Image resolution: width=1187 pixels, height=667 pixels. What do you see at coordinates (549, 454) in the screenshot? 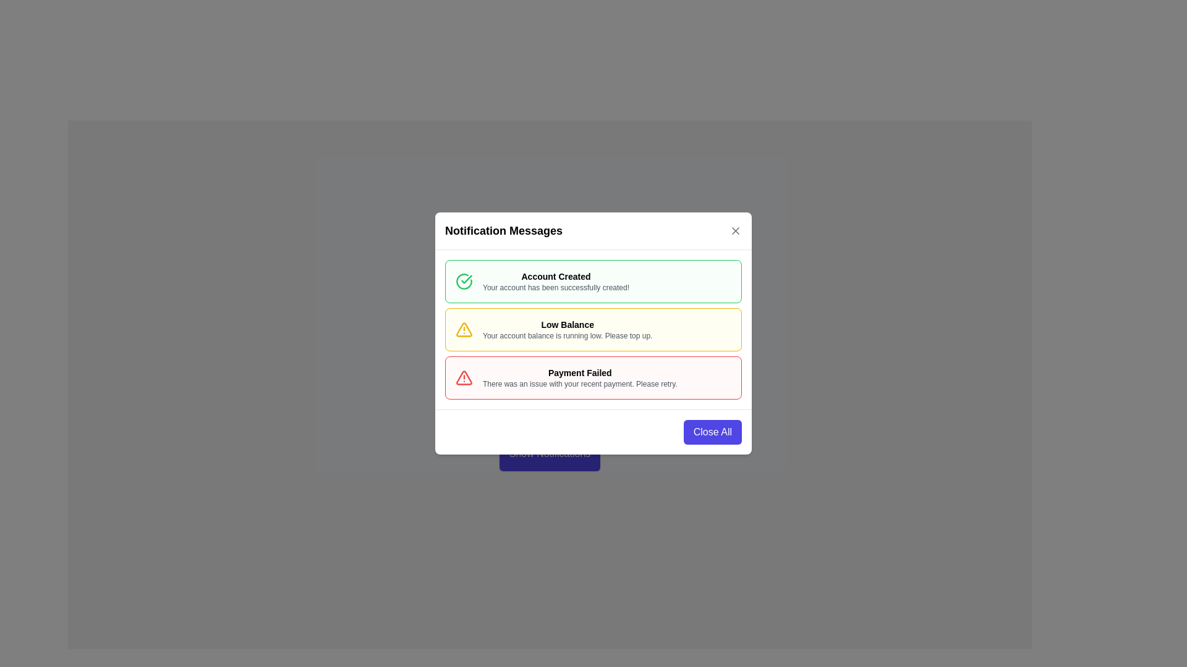
I see `the 'Show Notifications' button, which has a dark indigo background and white text` at bounding box center [549, 454].